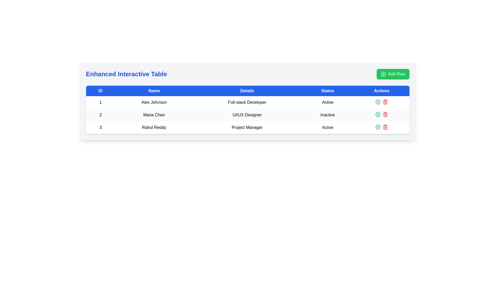  Describe the element at coordinates (247, 102) in the screenshot. I see `the Text Label that contains the text 'Full-stack Developer' located in the 'Details' column of the first row of the table` at that location.